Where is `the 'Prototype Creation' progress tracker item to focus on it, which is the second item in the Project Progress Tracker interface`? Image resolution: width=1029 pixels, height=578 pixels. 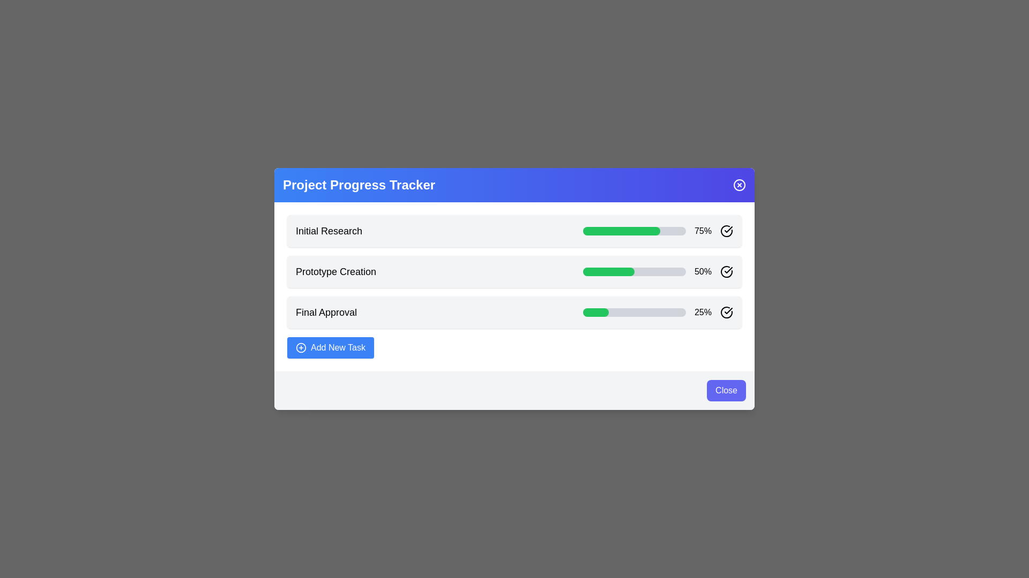
the 'Prototype Creation' progress tracker item to focus on it, which is the second item in the Project Progress Tracker interface is located at coordinates (514, 271).